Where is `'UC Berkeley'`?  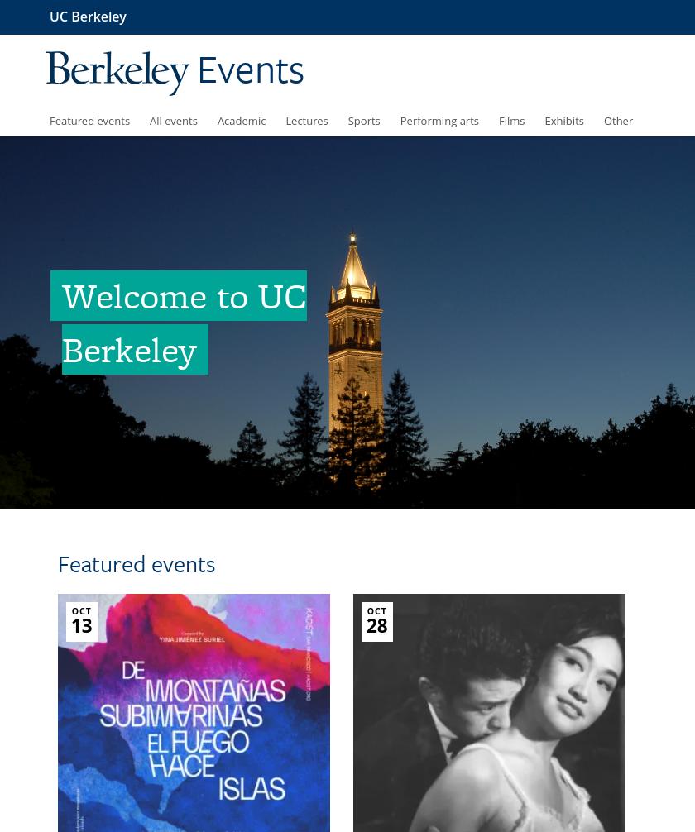
'UC Berkeley' is located at coordinates (88, 17).